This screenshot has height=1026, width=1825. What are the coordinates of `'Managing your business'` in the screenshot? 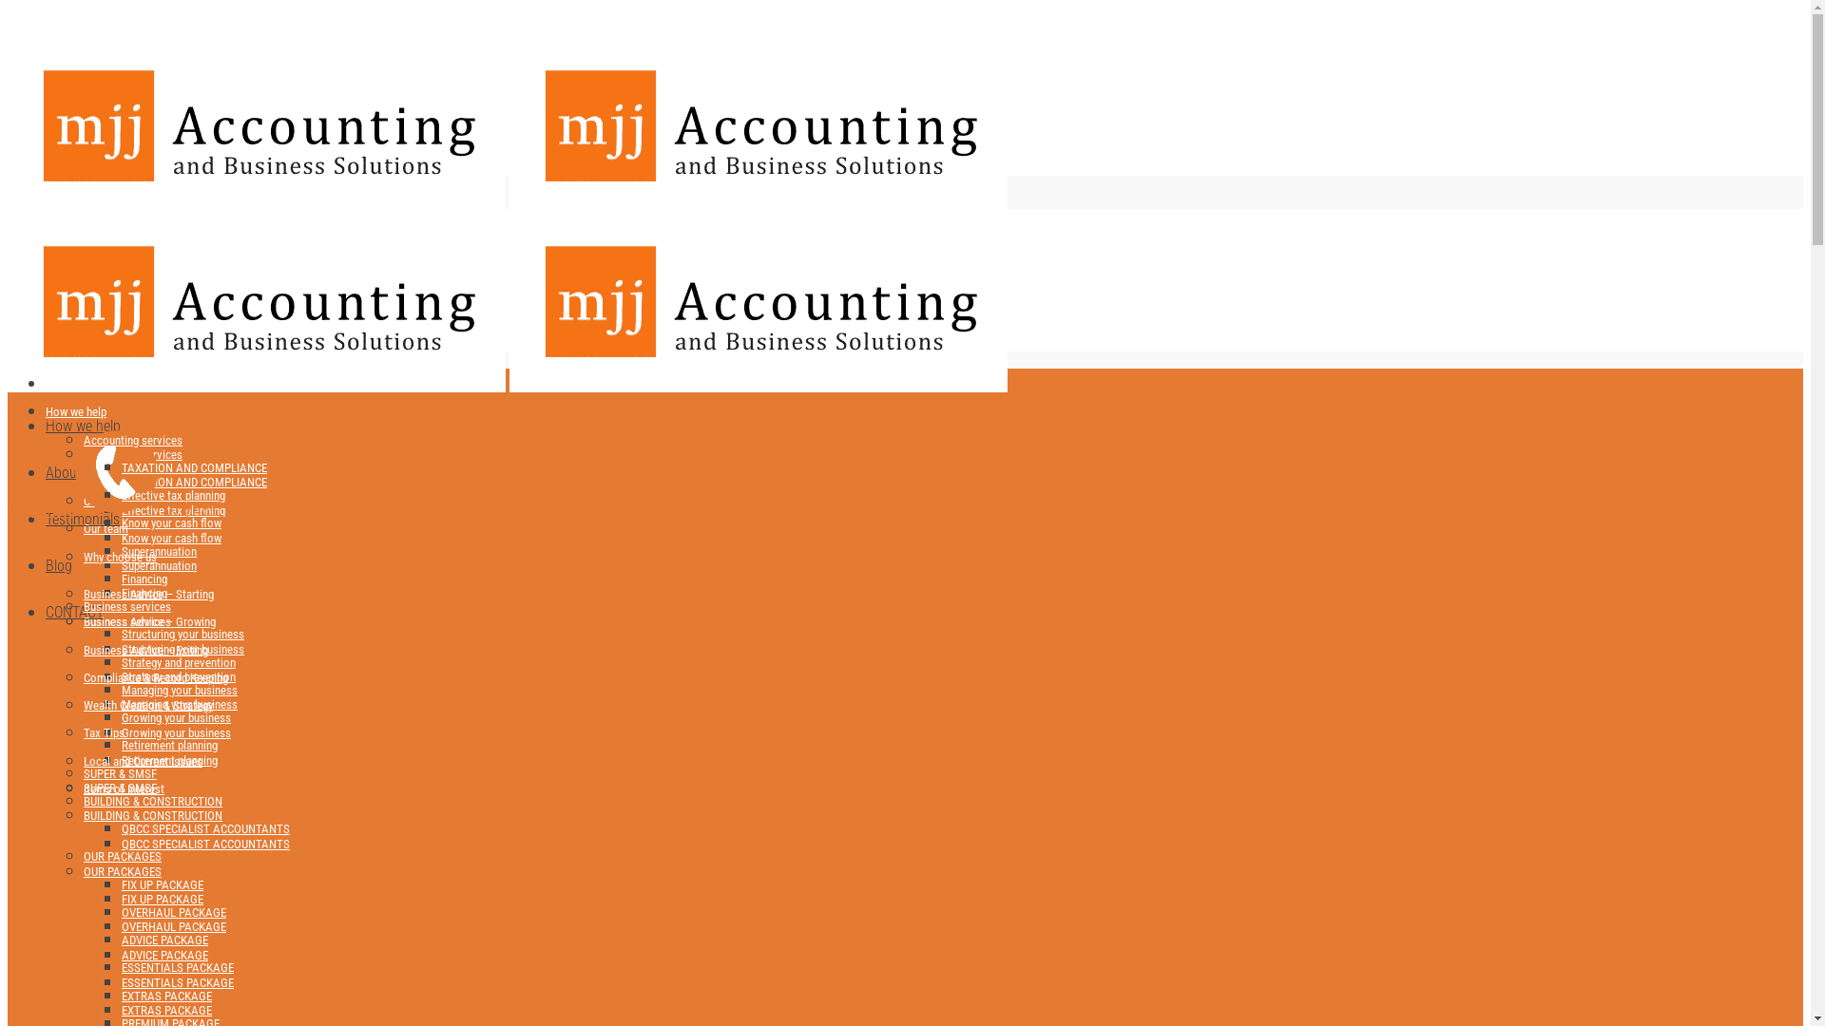 It's located at (121, 704).